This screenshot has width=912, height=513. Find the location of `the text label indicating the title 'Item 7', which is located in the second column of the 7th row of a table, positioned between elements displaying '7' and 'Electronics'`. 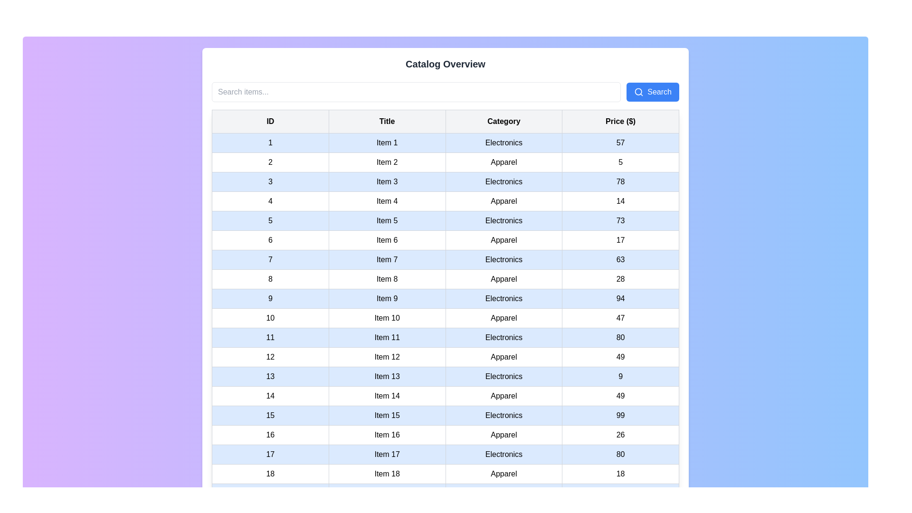

the text label indicating the title 'Item 7', which is located in the second column of the 7th row of a table, positioned between elements displaying '7' and 'Electronics' is located at coordinates (387, 260).